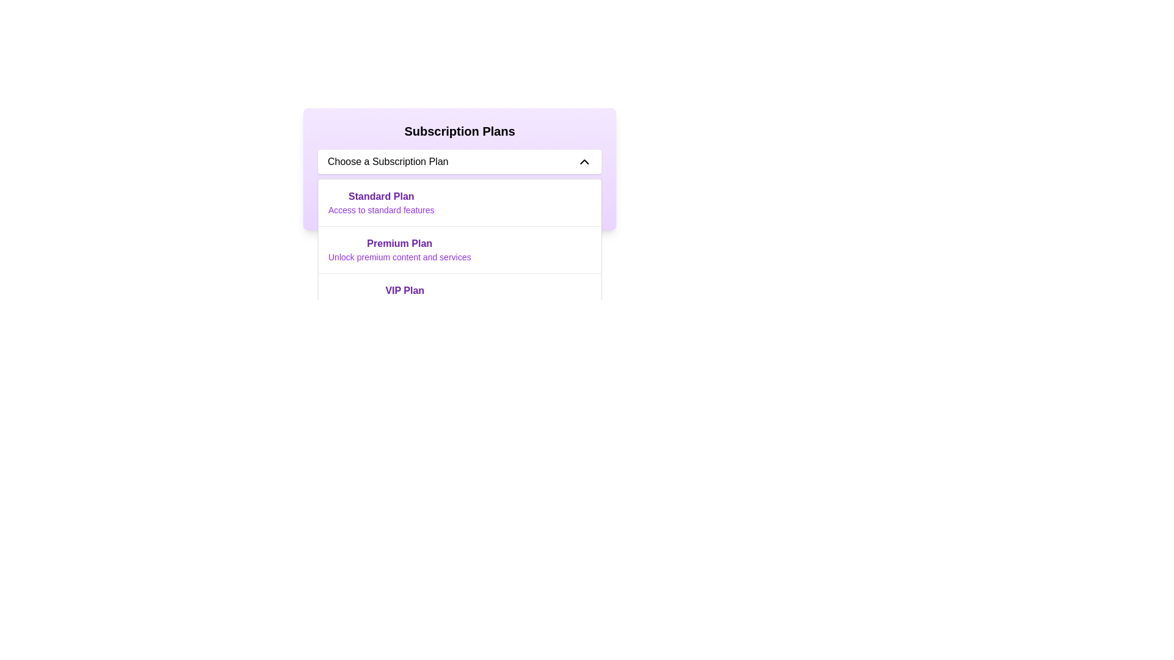 The width and height of the screenshot is (1174, 660). I want to click on the text label displaying 'Access to standard features', which is styled with a smaller font size and purple color, located directly below the 'Standard Plan' title in the dropdown menu, so click(380, 209).